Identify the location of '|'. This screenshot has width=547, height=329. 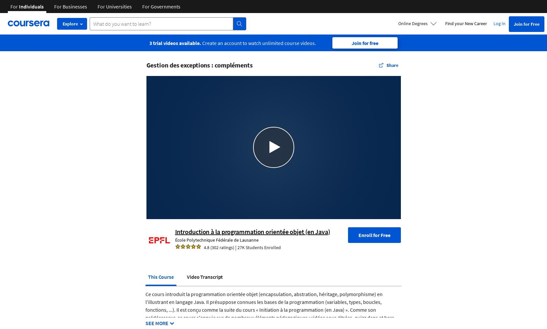
(235, 247).